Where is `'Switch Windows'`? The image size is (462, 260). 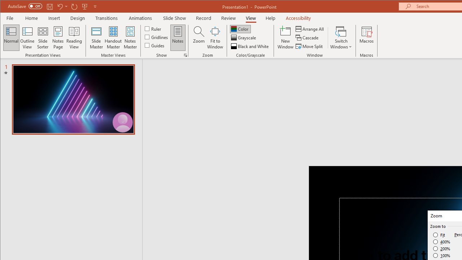
'Switch Windows' is located at coordinates (341, 38).